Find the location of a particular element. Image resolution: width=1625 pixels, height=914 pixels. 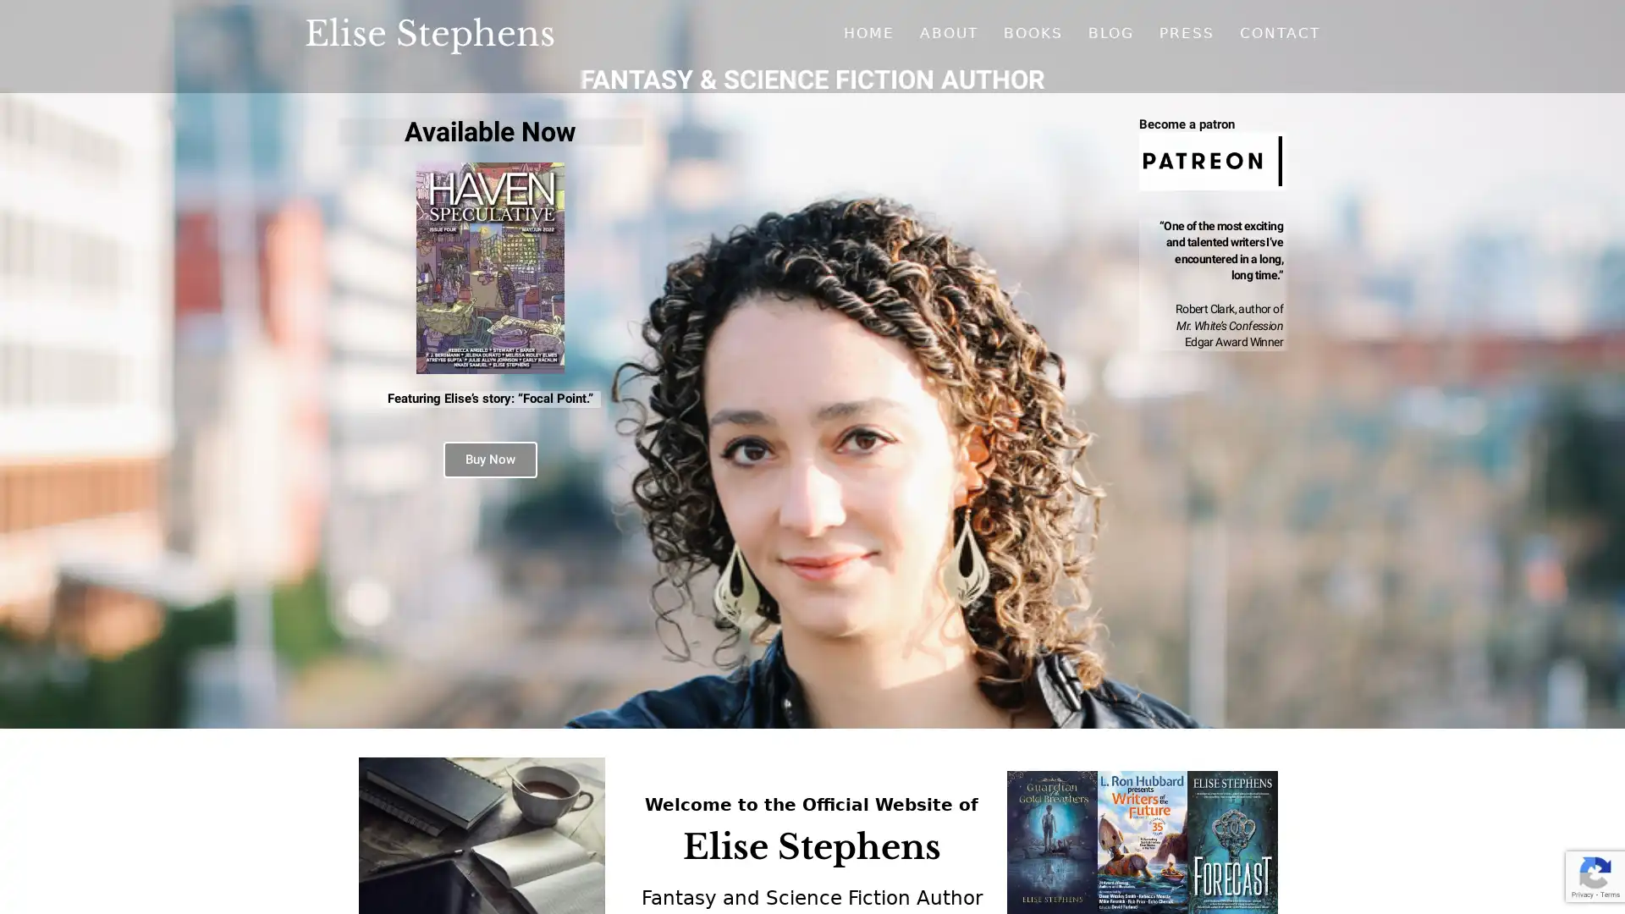

Buy Now is located at coordinates (489, 460).